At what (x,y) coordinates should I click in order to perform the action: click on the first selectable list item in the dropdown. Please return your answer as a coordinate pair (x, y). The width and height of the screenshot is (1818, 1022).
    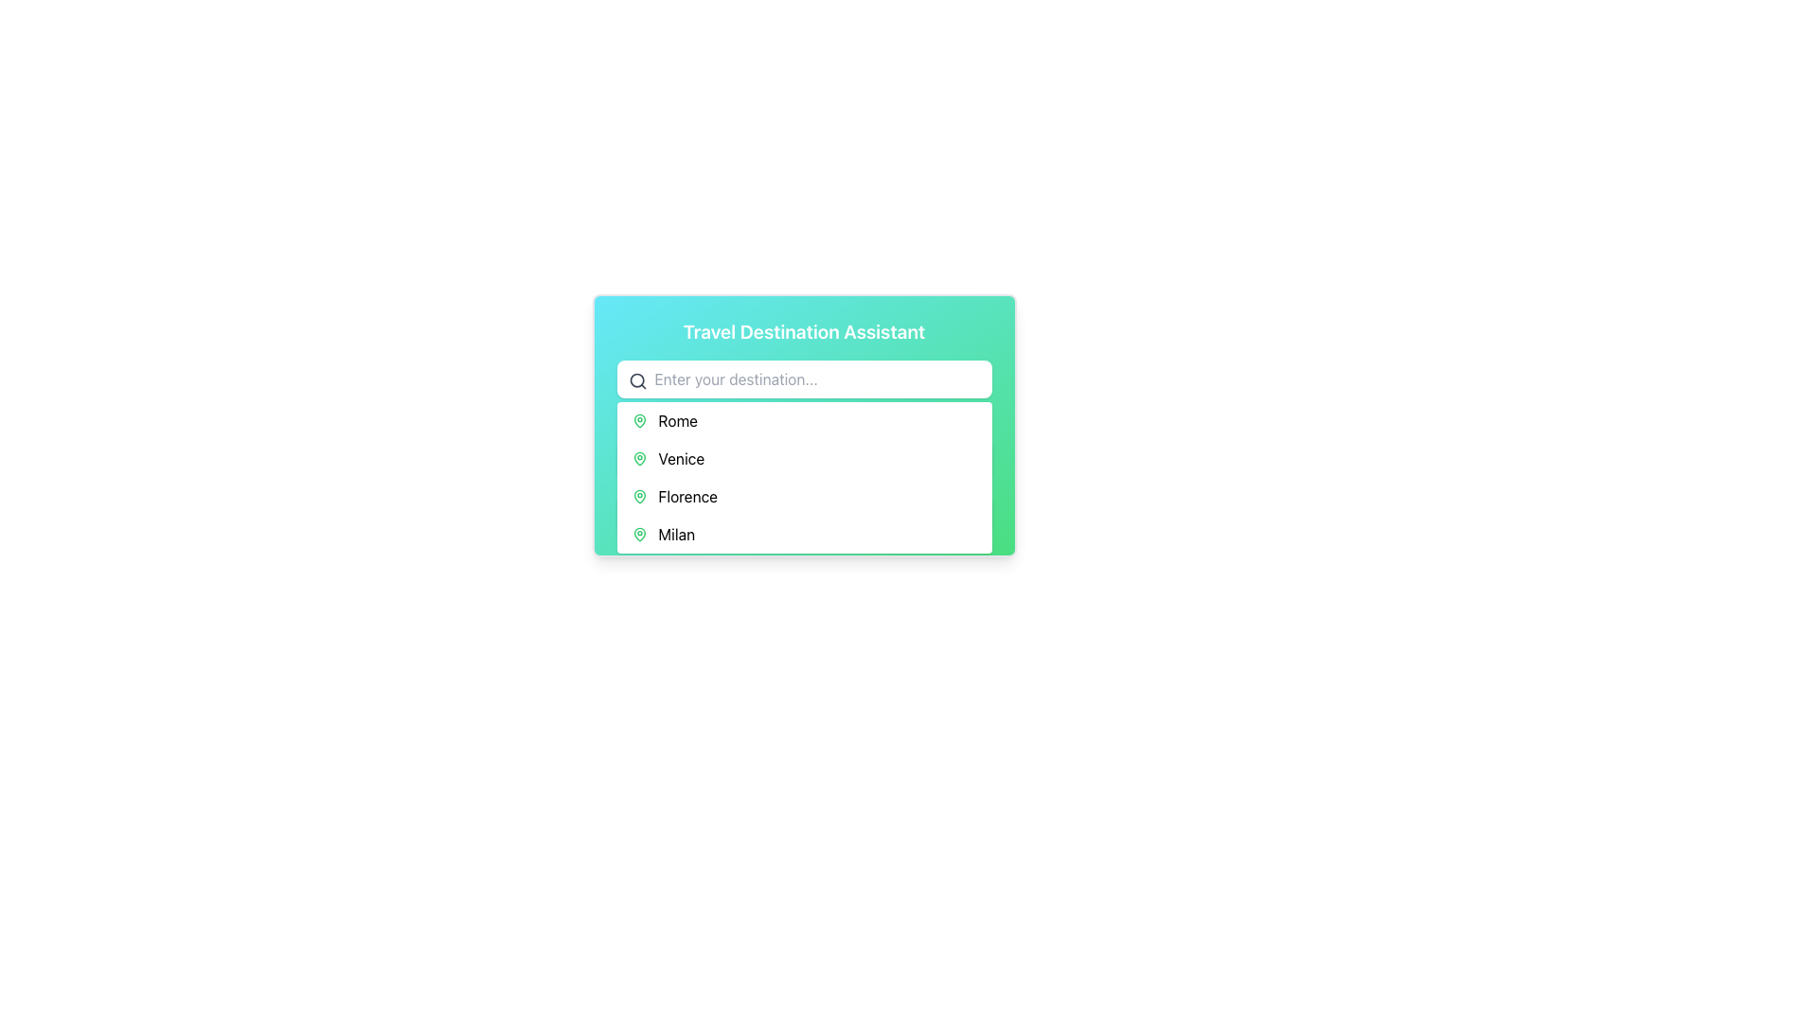
    Looking at the image, I should click on (804, 419).